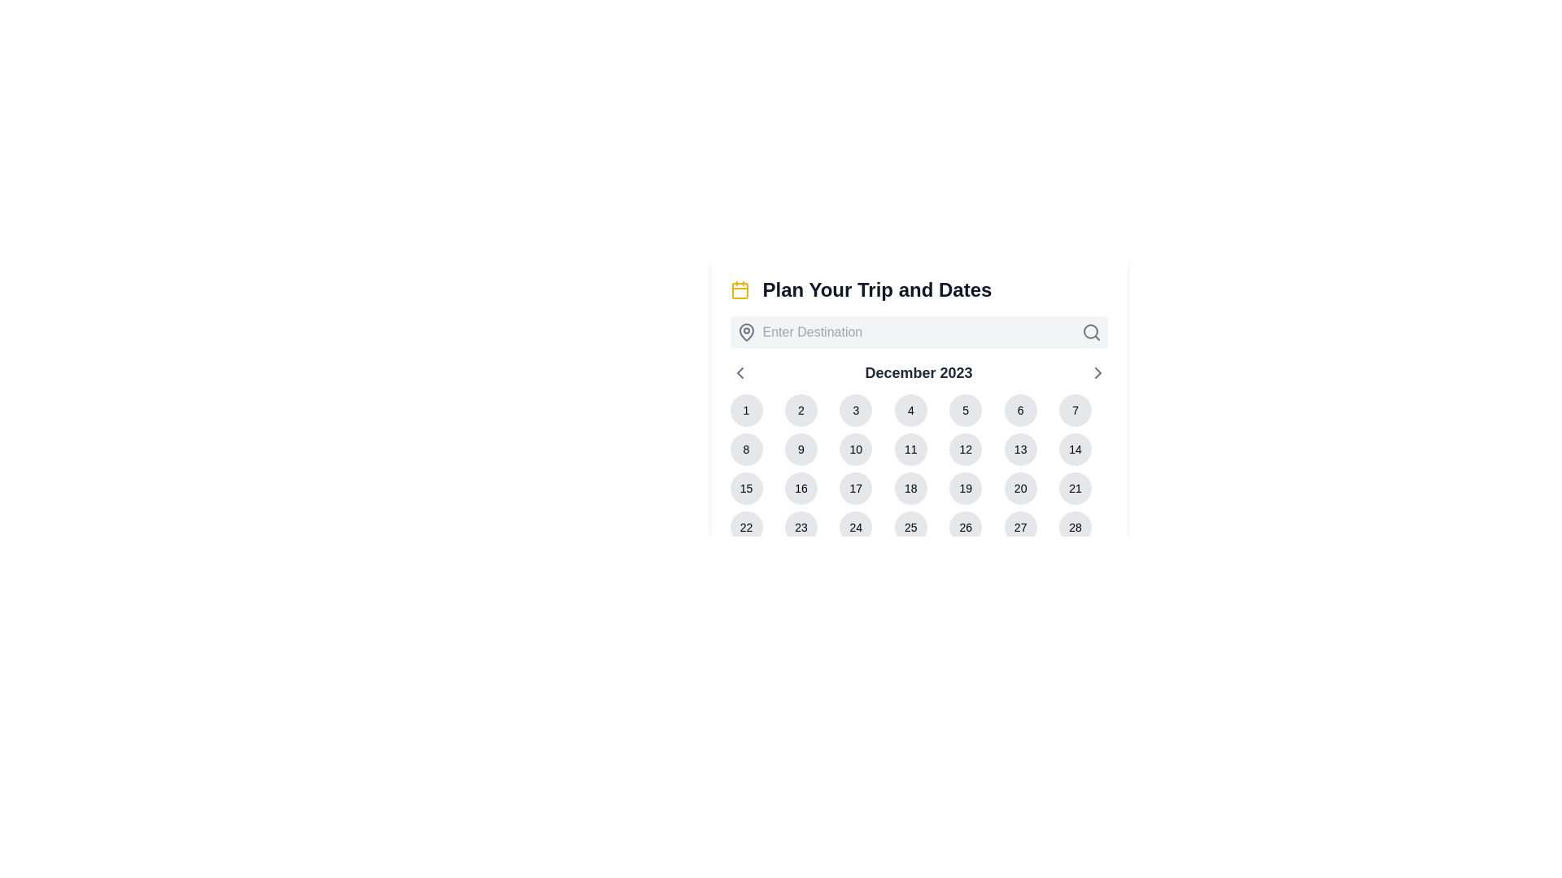  What do you see at coordinates (1097, 373) in the screenshot?
I see `the right-facing chevron arrow icon in the top-right corner of the calendar interface` at bounding box center [1097, 373].